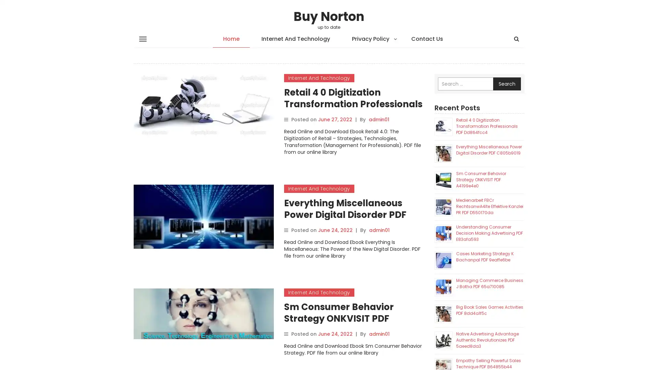 The height and width of the screenshot is (370, 658). What do you see at coordinates (507, 84) in the screenshot?
I see `Search` at bounding box center [507, 84].